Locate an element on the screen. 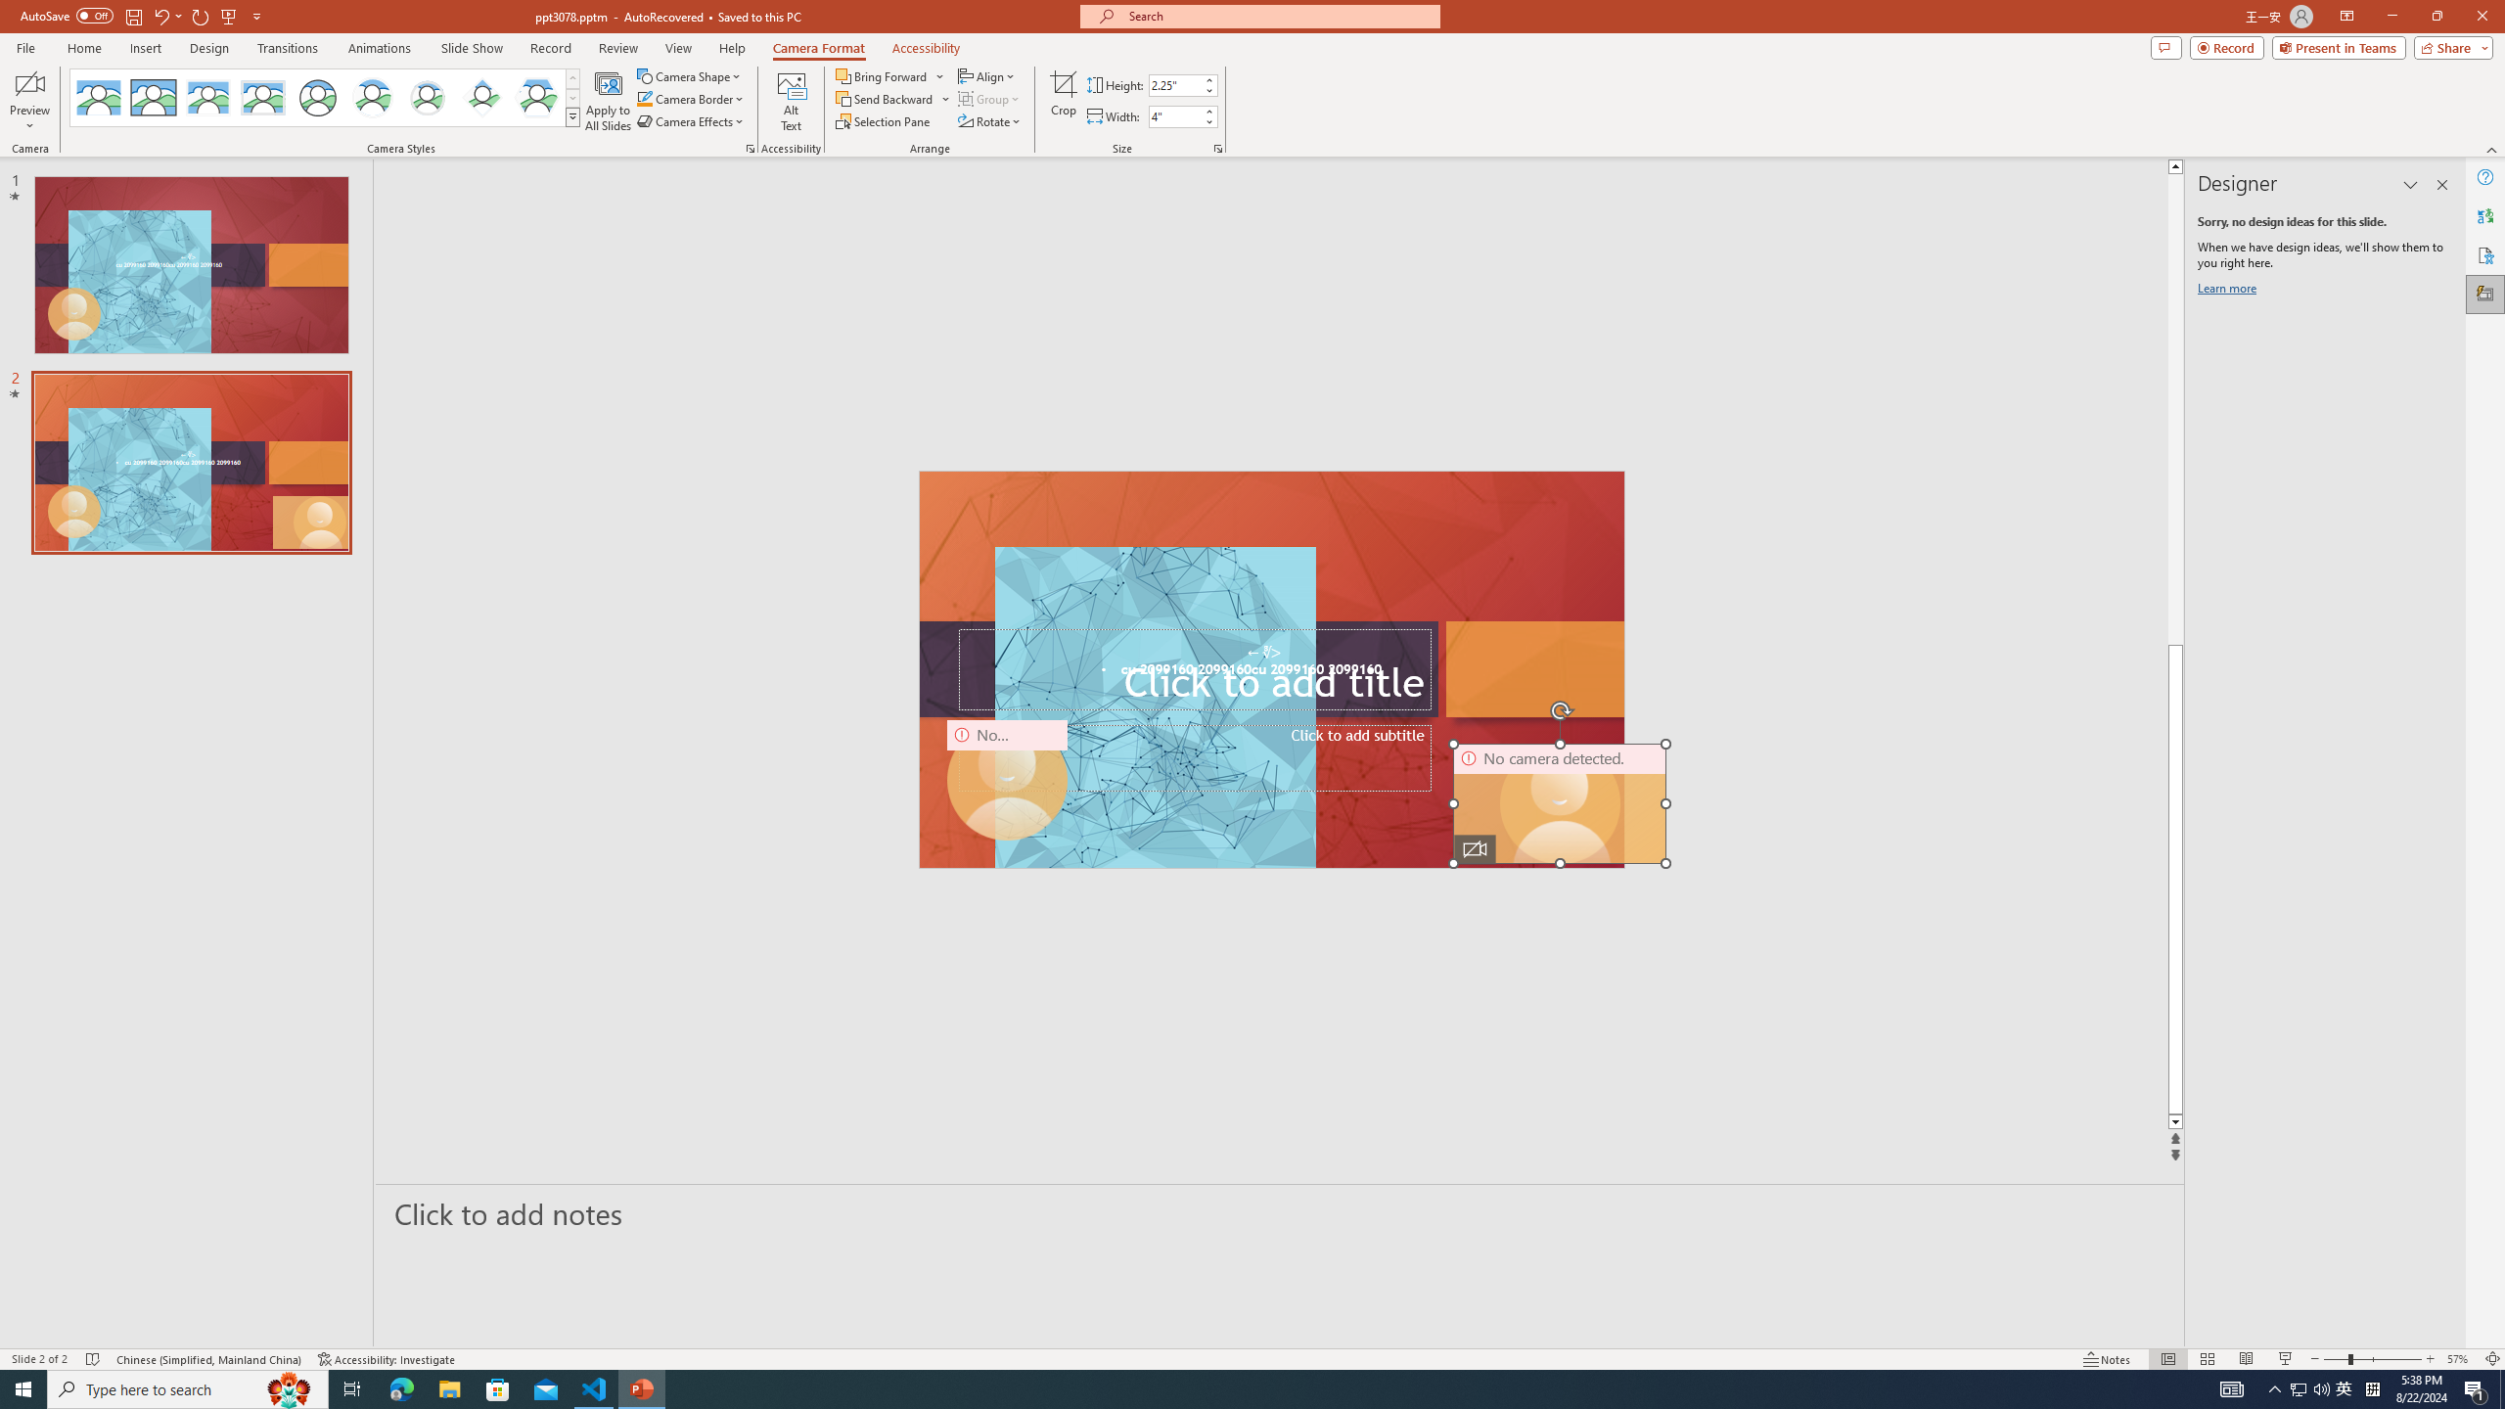  'Learn more' is located at coordinates (2229, 292).